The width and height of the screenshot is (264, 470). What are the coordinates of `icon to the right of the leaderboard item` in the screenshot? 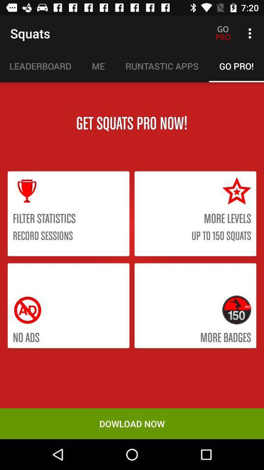 It's located at (98, 66).